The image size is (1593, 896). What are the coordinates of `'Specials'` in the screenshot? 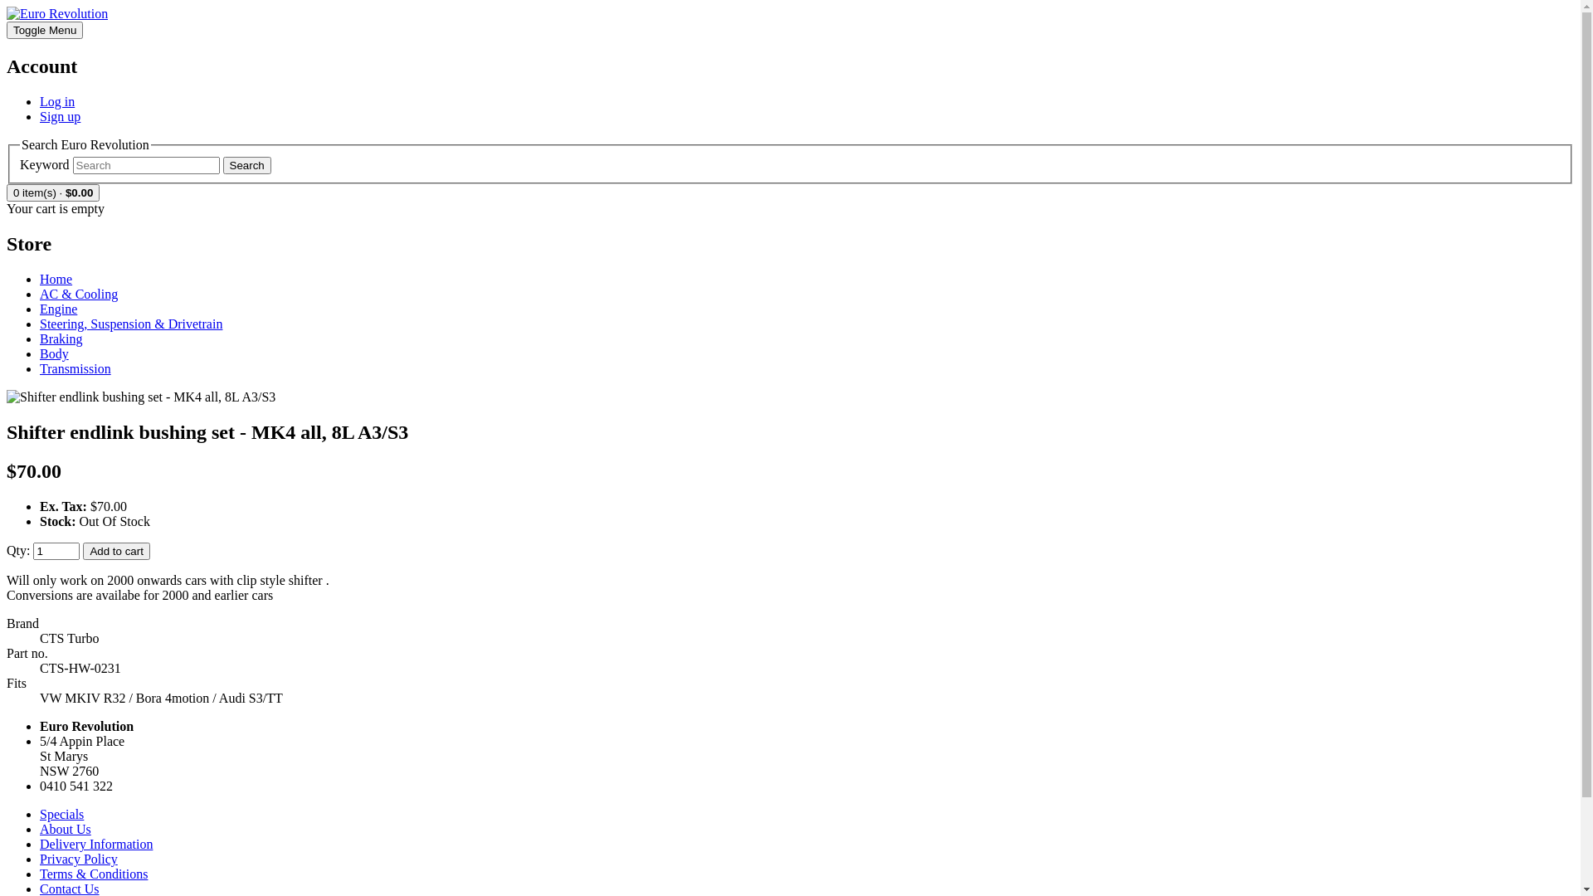 It's located at (61, 813).